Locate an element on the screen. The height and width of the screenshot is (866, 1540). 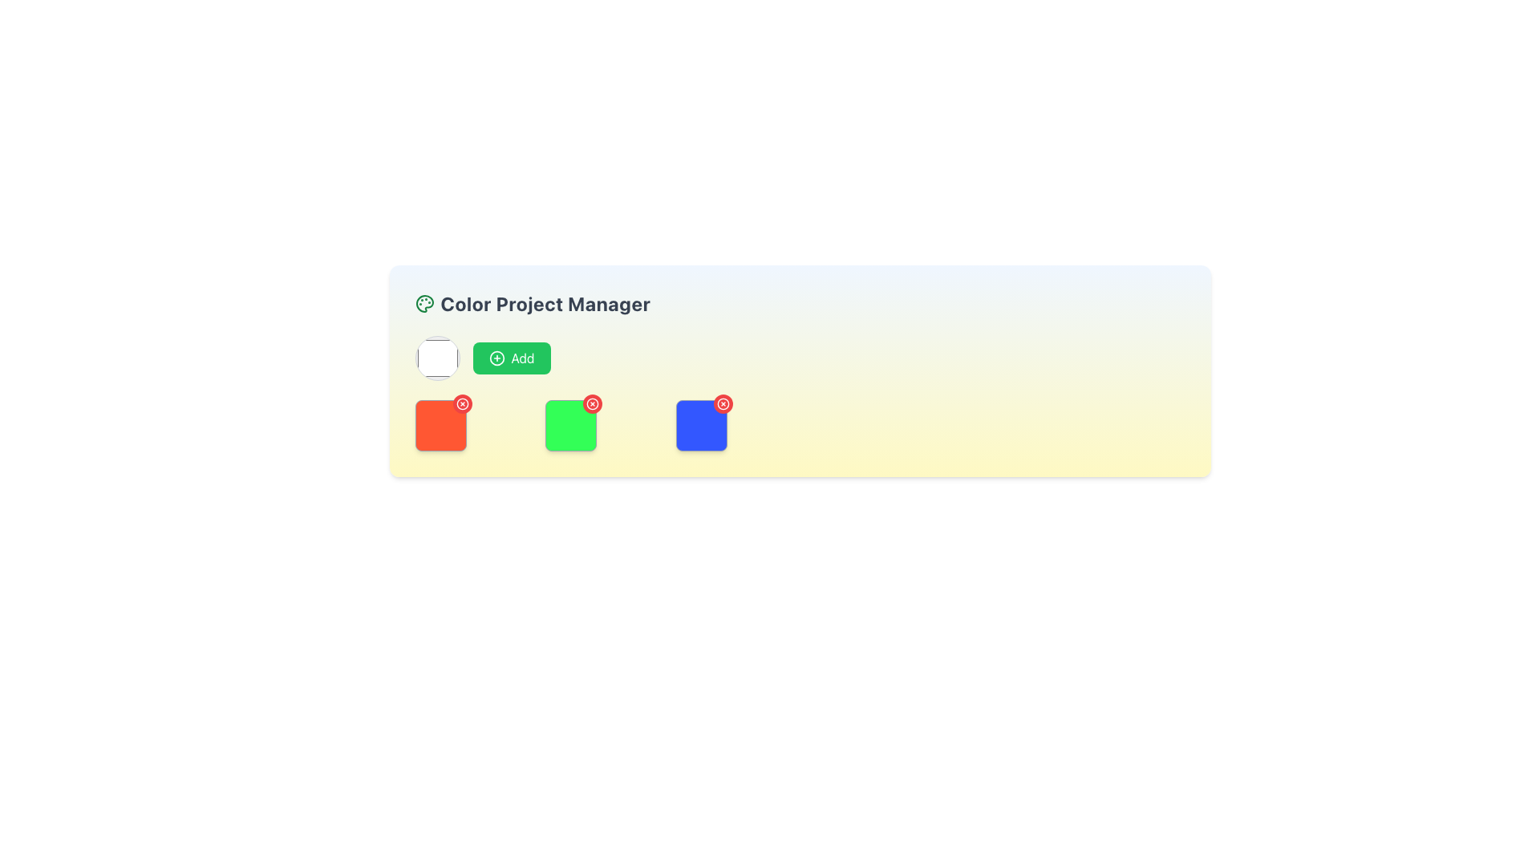
the interactive red circular close button with a white 'X' icon located at the top-right corner of the green selectable color box component is located at coordinates (571, 425).